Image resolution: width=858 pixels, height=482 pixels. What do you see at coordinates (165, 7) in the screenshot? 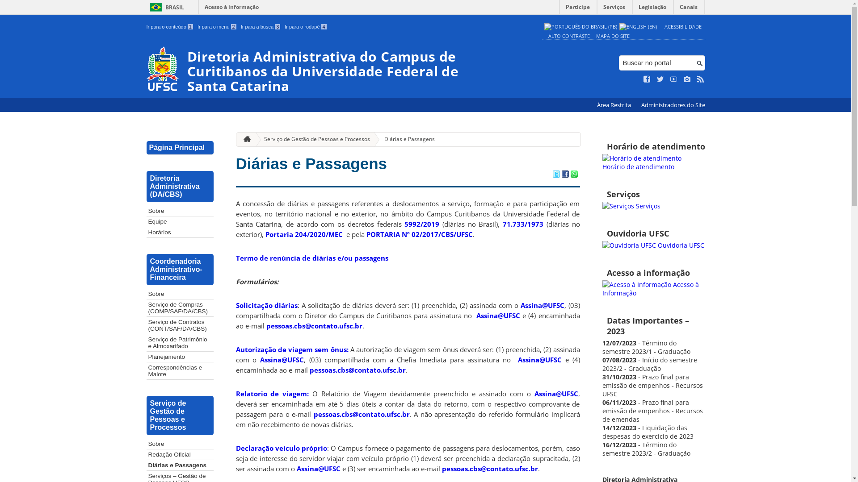
I see `'BRASIL'` at bounding box center [165, 7].